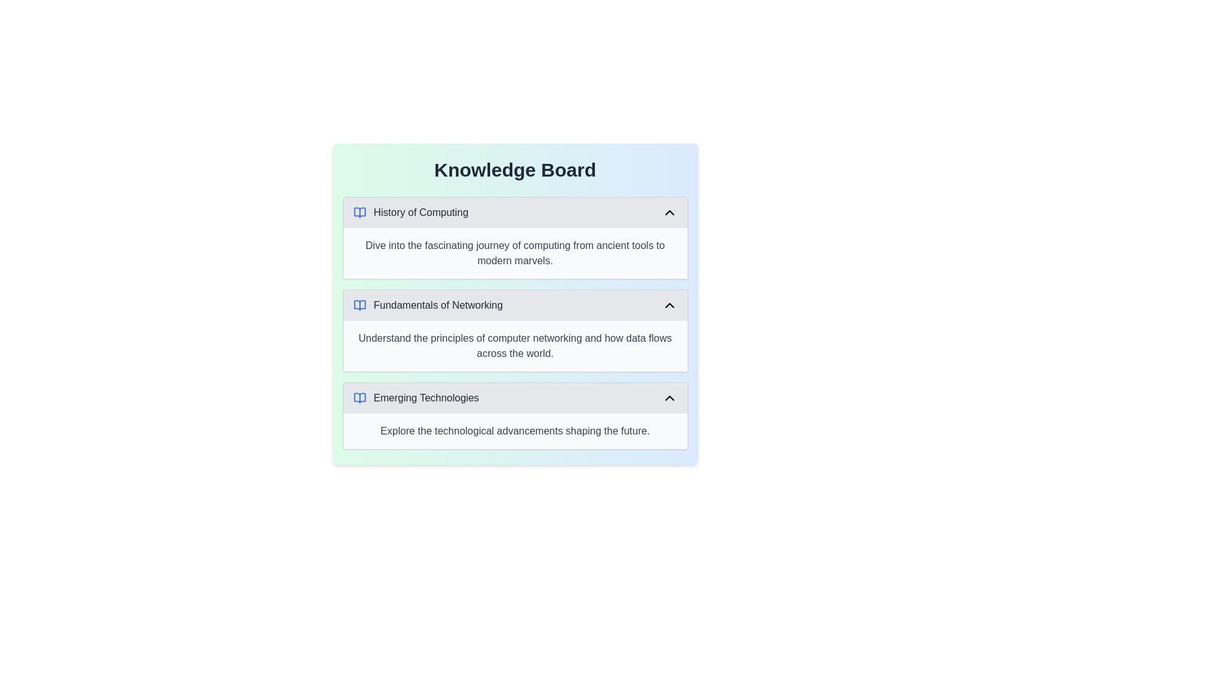 The image size is (1219, 686). Describe the element at coordinates (515, 430) in the screenshot. I see `the second content block under the 'Emerging Technologies' section, which provides additional information related to this section` at that location.